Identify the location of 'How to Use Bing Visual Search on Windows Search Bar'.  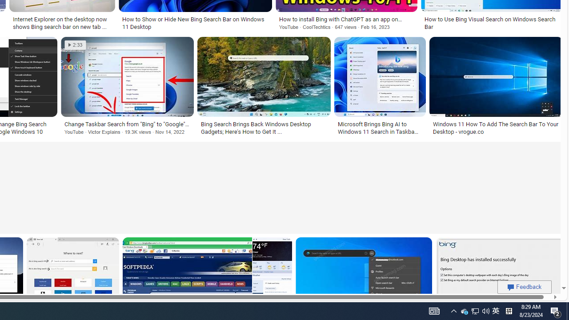
(491, 23).